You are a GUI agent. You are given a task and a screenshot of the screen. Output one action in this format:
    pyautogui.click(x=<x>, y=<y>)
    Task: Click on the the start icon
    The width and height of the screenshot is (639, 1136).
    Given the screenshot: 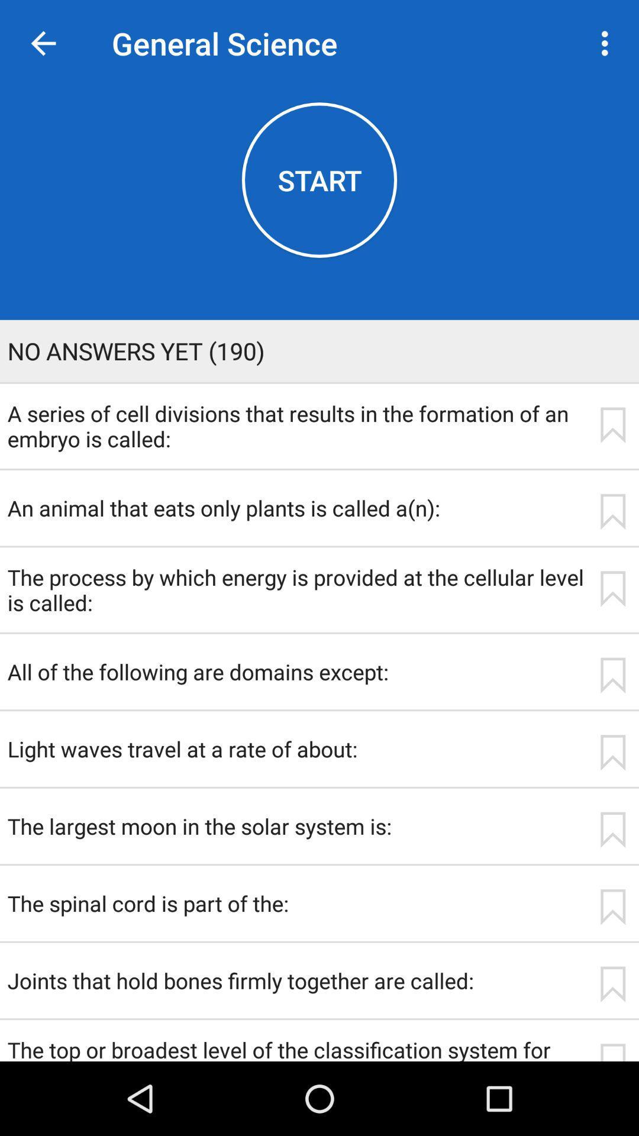 What is the action you would take?
    pyautogui.click(x=319, y=179)
    